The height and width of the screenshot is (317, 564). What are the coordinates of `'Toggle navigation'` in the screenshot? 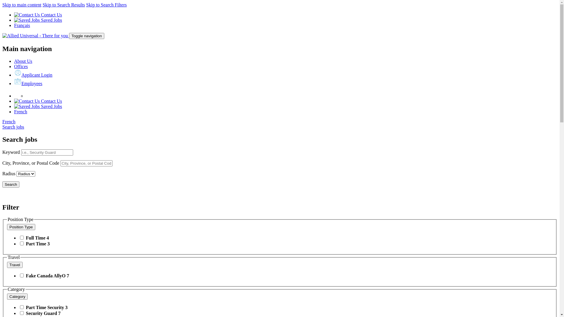 It's located at (86, 36).